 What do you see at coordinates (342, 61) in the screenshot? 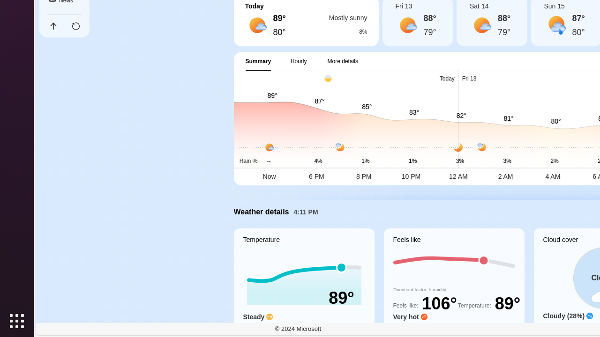
I see `'More details'` at bounding box center [342, 61].